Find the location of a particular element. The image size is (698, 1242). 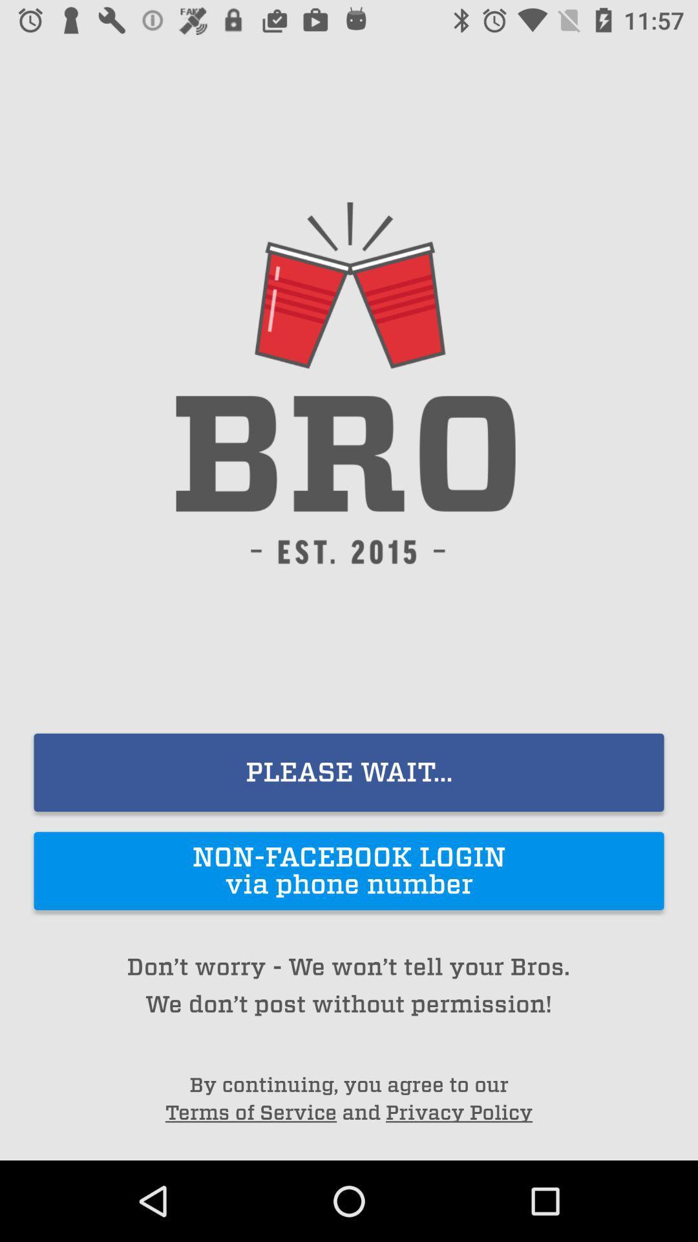

the privacy policy item is located at coordinates (458, 1112).